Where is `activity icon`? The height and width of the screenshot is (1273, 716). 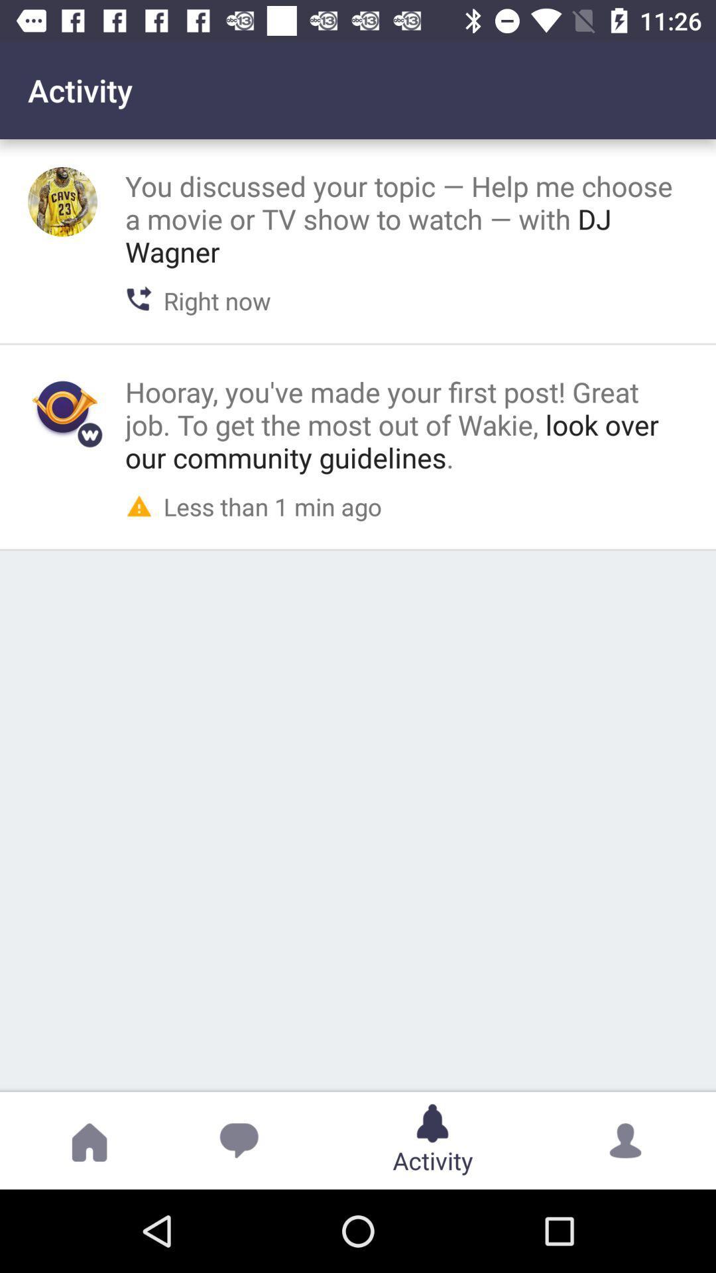 activity icon is located at coordinates (62, 406).